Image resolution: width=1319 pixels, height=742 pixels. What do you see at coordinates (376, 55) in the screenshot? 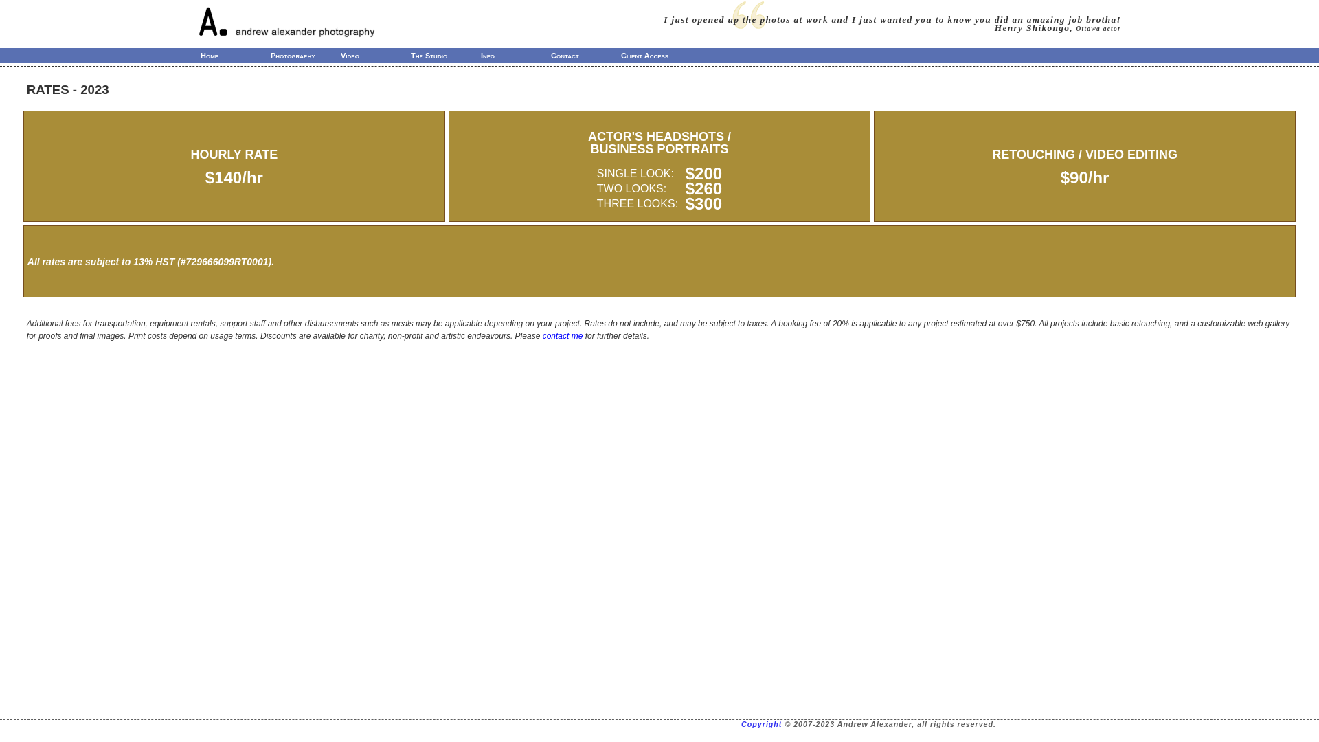
I see `'Video'` at bounding box center [376, 55].